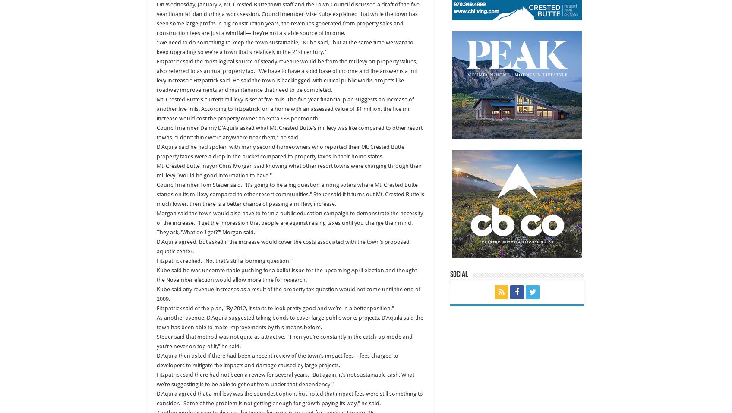 This screenshot has width=732, height=413. Describe the element at coordinates (284, 341) in the screenshot. I see `'Steuer said that method was not quite as attractive. "Then you’re constantly in the catch-up mode and you’re never on top of it," he said.'` at that location.